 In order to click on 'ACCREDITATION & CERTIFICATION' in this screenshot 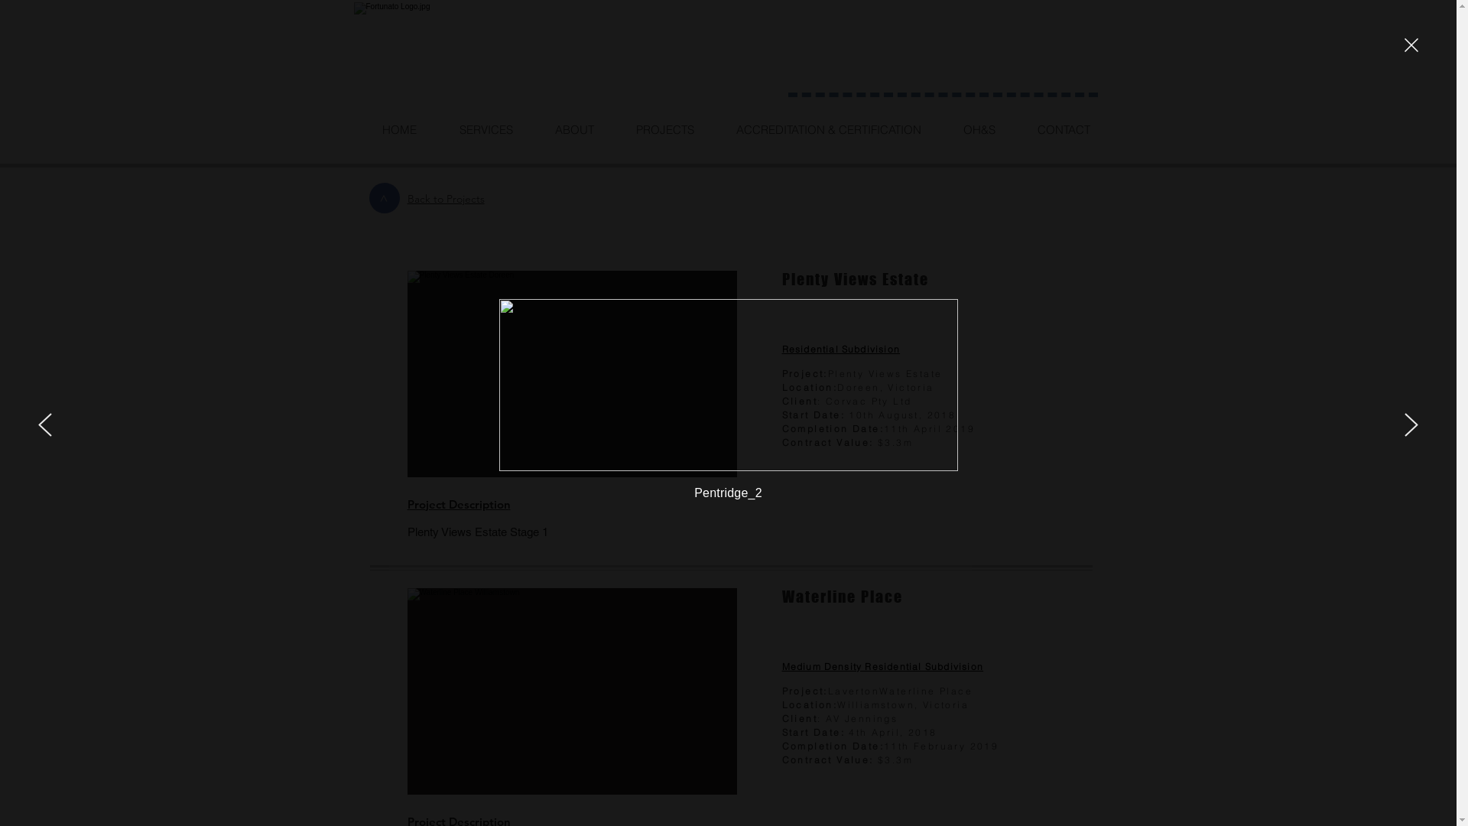, I will do `click(827, 128)`.